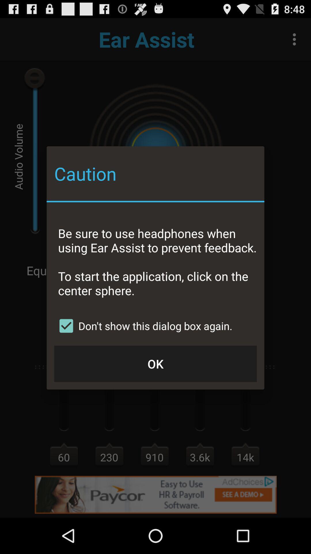  I want to click on icon below the be sure to item, so click(143, 326).